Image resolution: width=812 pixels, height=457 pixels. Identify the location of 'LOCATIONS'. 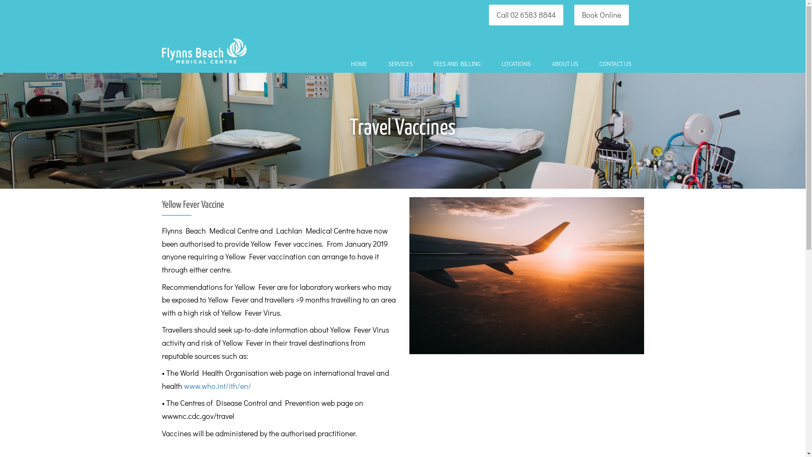
(493, 63).